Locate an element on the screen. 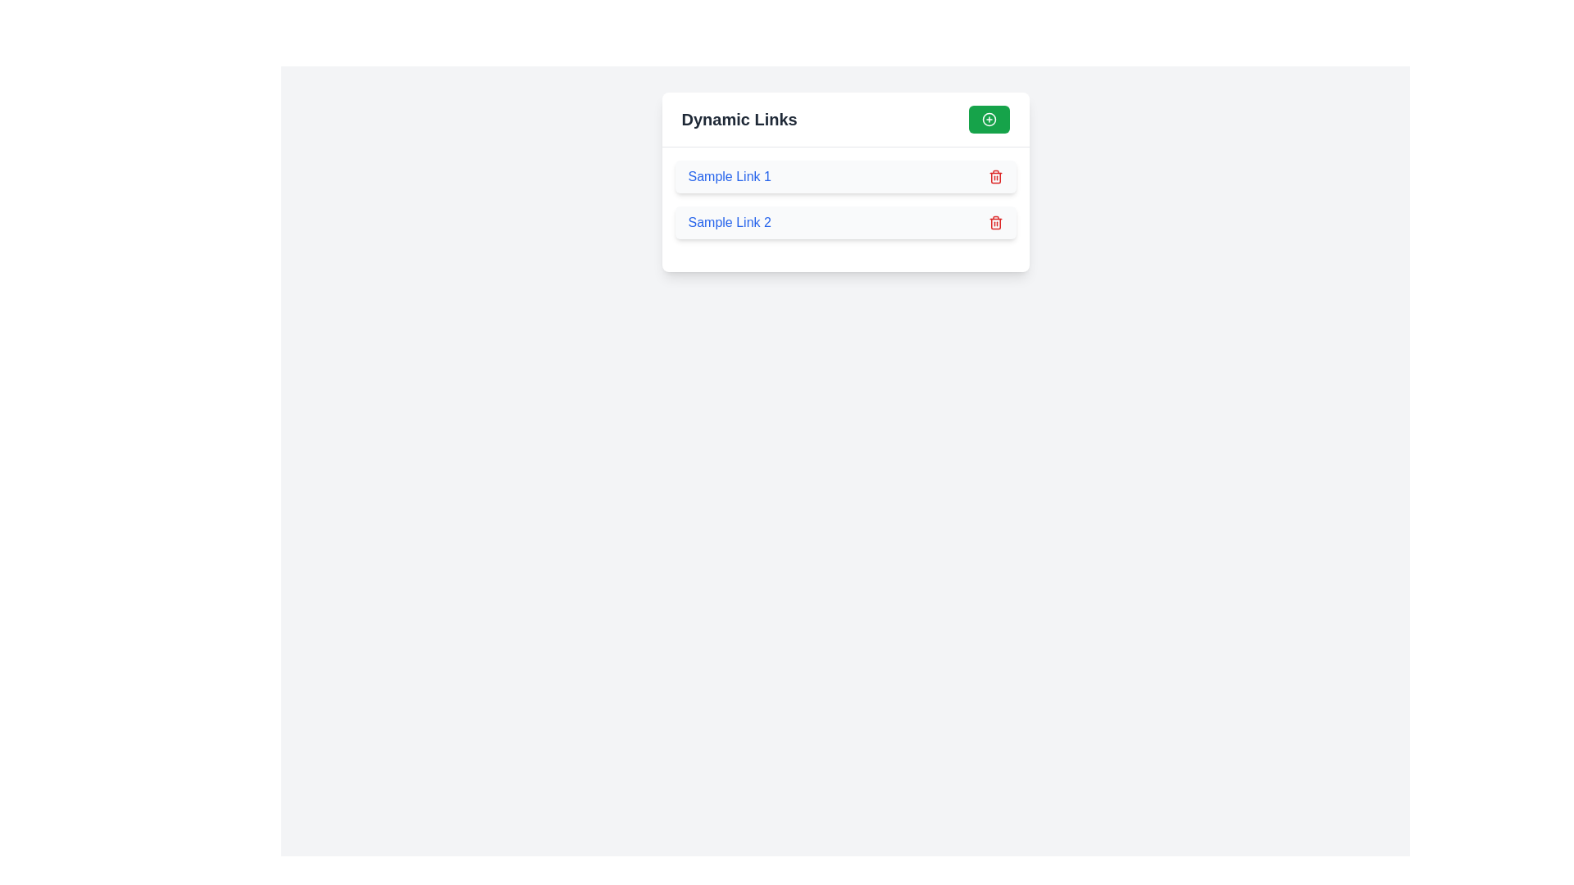 This screenshot has width=1574, height=885. the hyperlink in the first item of the 'Dynamic Links' list to underline it is located at coordinates (845, 177).